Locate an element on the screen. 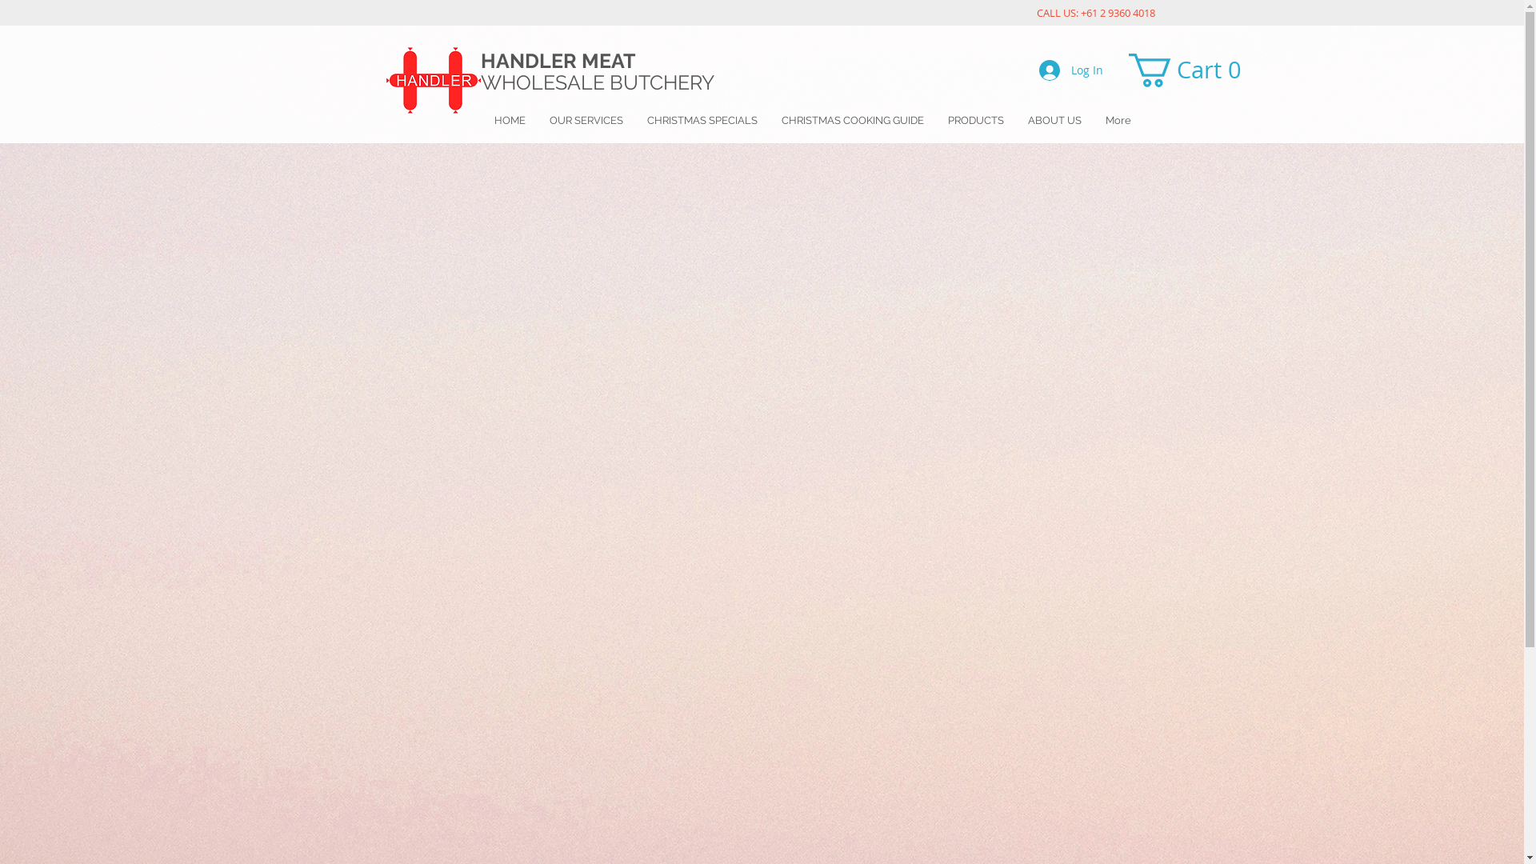 Image resolution: width=1536 pixels, height=864 pixels. 'WHOLESALE BUTCHERY ' is located at coordinates (598, 82).